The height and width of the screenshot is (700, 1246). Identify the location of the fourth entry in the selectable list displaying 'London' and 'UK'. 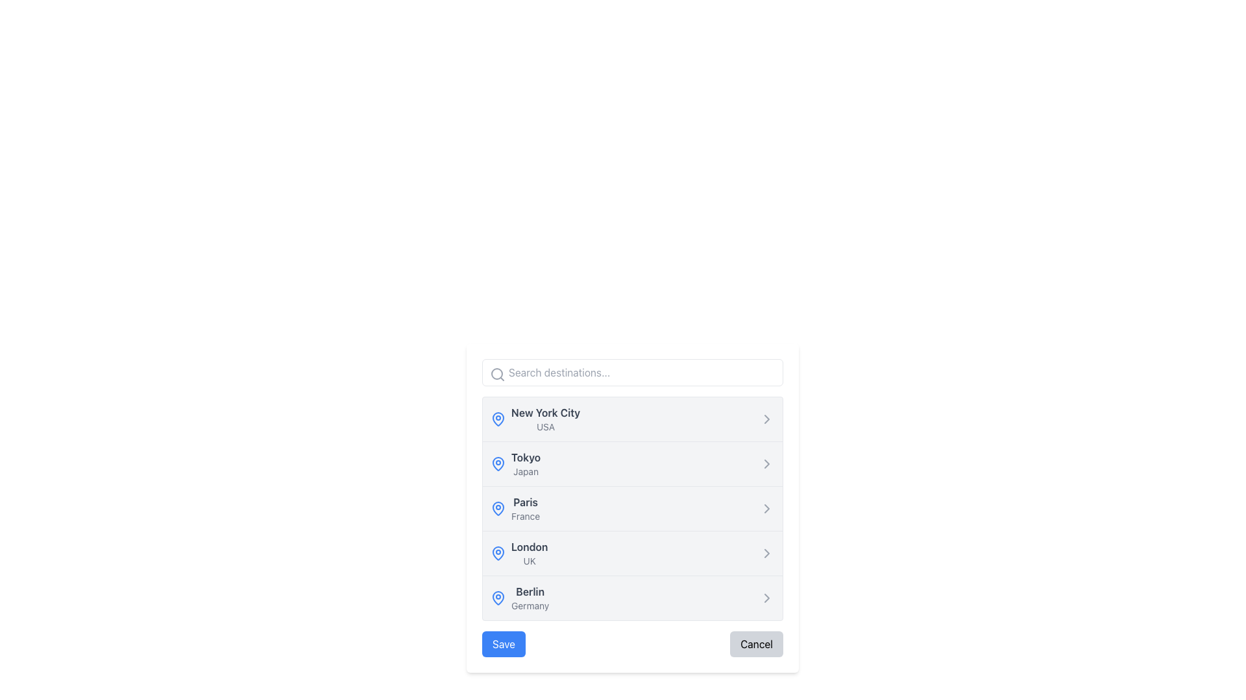
(530, 553).